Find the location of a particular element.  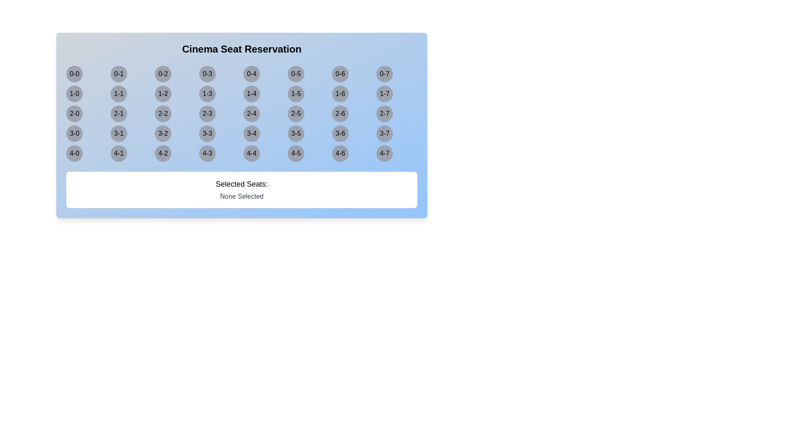

the interactive circular button labeled '0-0' in the Cinema Seat Reservation section is located at coordinates (75, 73).